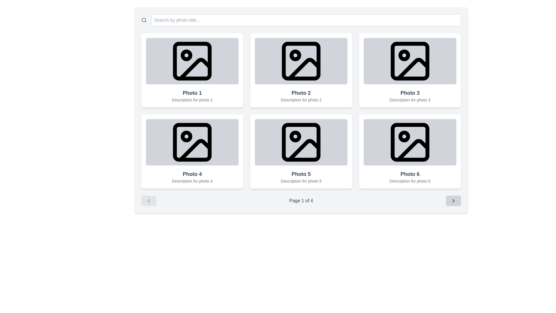 The image size is (556, 313). I want to click on the small circular decorative component located within the sixth photo tile under the 'Photo 6' section, so click(404, 136).